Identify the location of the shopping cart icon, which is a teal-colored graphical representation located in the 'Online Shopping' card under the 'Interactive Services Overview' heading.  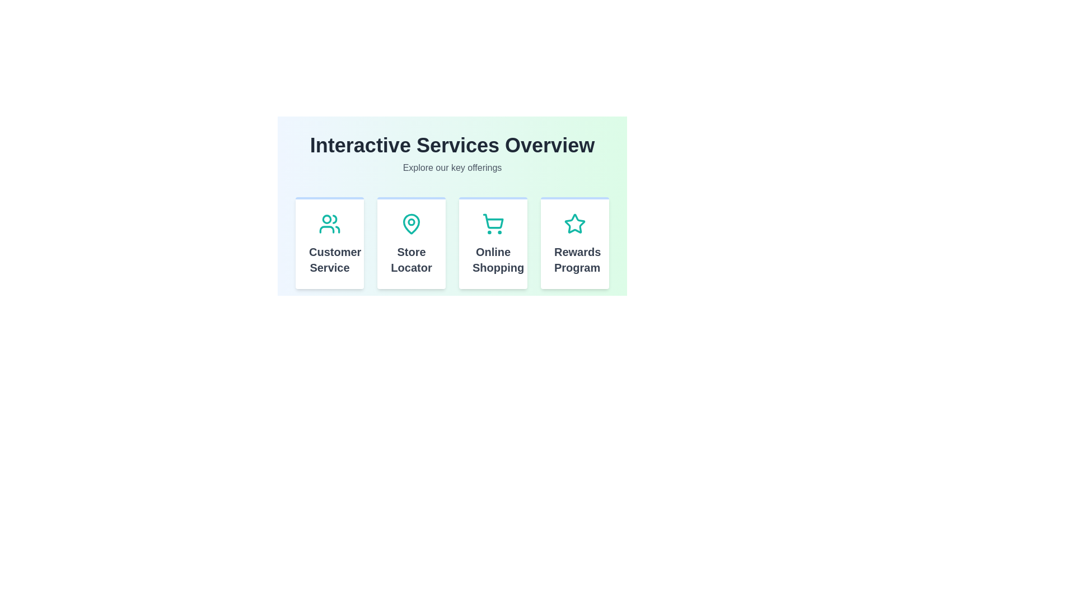
(493, 221).